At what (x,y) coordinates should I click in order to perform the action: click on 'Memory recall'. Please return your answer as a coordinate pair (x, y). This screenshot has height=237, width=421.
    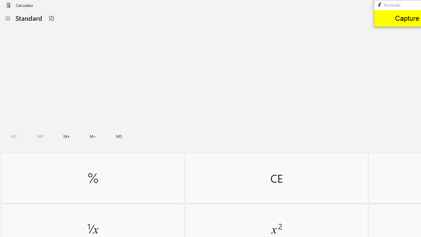
    Looking at the image, I should click on (40, 136).